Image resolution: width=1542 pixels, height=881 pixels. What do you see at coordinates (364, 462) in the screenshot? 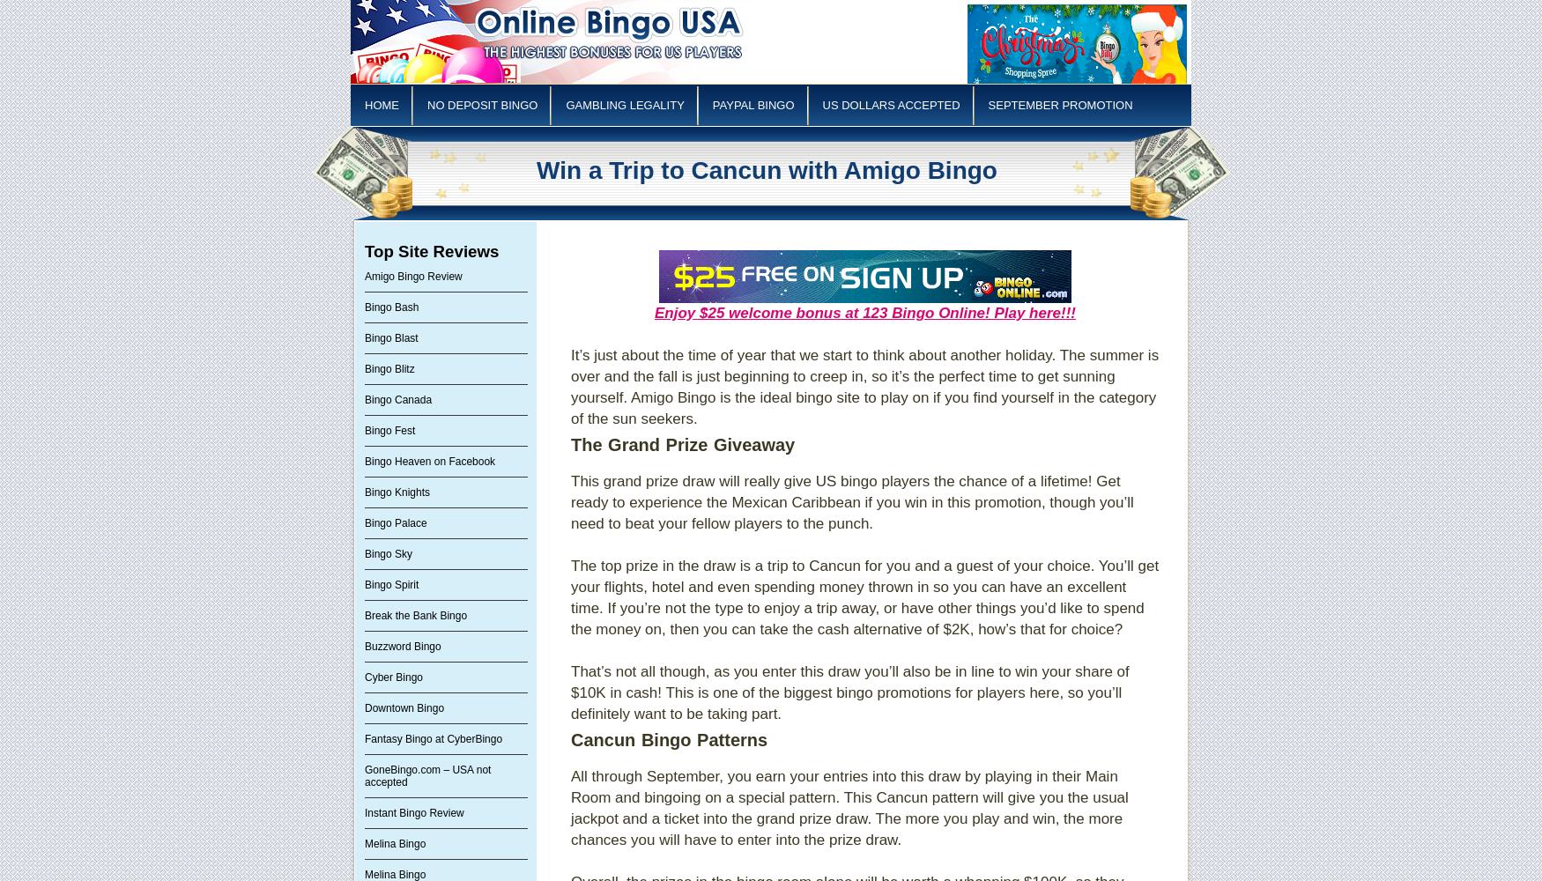
I see `'Bingo Heaven on Facebook'` at bounding box center [364, 462].